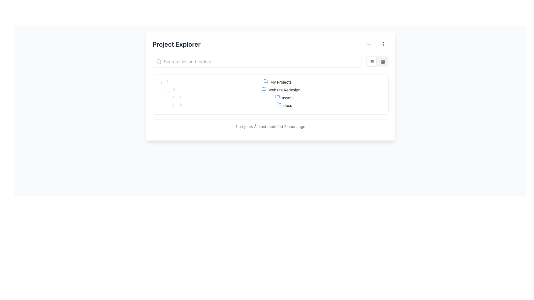 This screenshot has height=300, width=534. I want to click on the folder icon representing the 'Website Redesign' files, so click(263, 88).